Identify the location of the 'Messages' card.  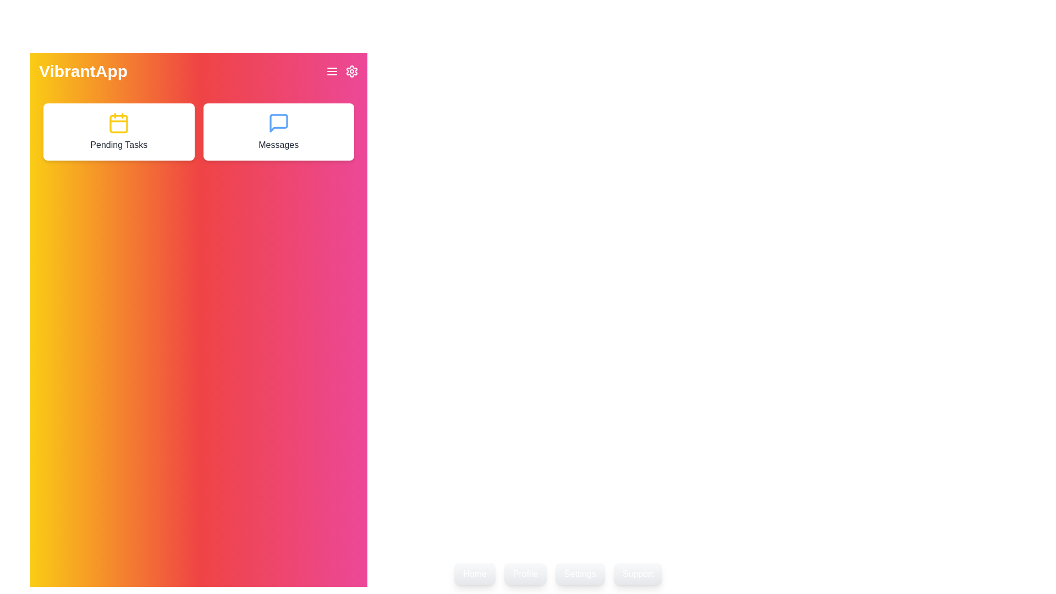
(278, 131).